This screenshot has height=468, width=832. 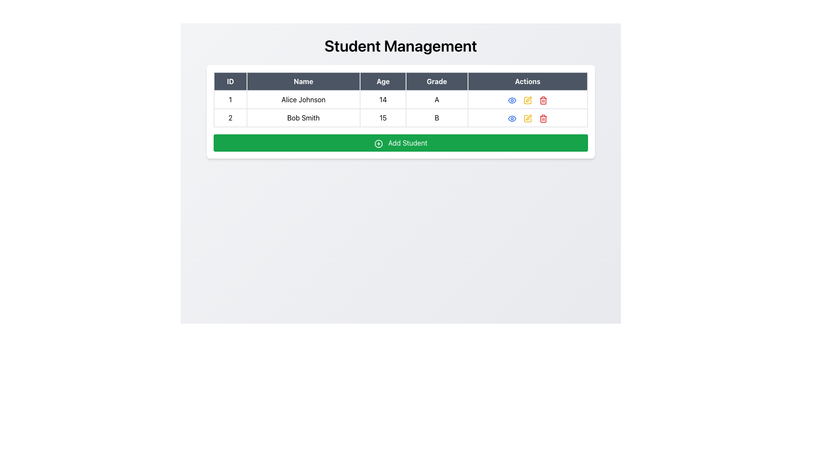 What do you see at coordinates (437, 118) in the screenshot?
I see `the static text character 'B' located in the fourth column of the second row of a table under the 'Grade' header, which is displayed in bold black font on a white background` at bounding box center [437, 118].